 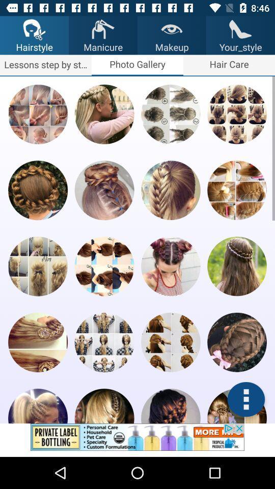 I want to click on hair colouring page, so click(x=171, y=342).